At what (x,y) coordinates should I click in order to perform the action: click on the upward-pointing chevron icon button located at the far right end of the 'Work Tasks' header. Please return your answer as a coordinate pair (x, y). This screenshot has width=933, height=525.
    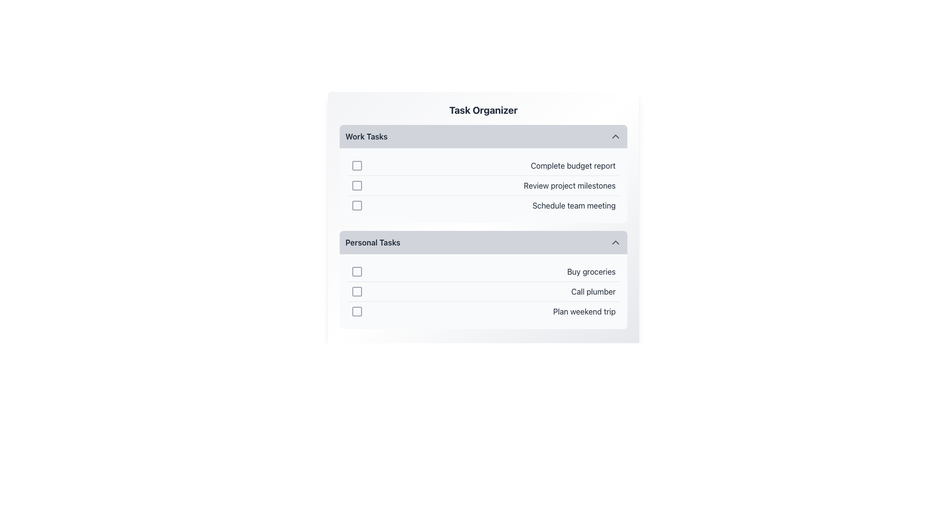
    Looking at the image, I should click on (615, 137).